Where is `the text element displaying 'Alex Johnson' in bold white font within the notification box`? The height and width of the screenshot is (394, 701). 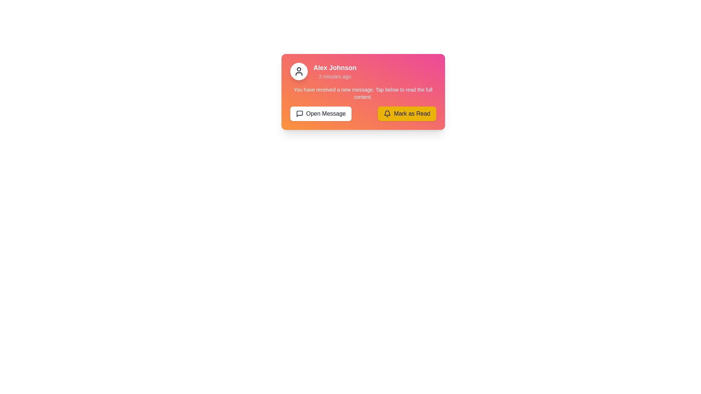
the text element displaying 'Alex Johnson' in bold white font within the notification box is located at coordinates (334, 67).